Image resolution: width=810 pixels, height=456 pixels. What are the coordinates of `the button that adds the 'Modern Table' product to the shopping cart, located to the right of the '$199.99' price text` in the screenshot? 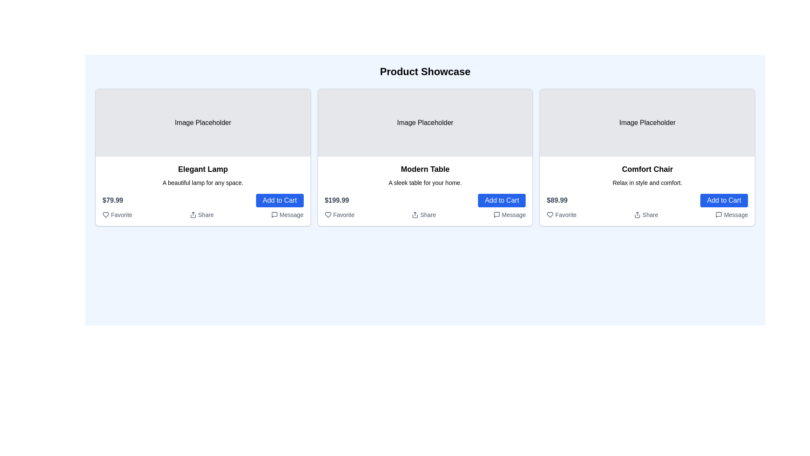 It's located at (502, 200).